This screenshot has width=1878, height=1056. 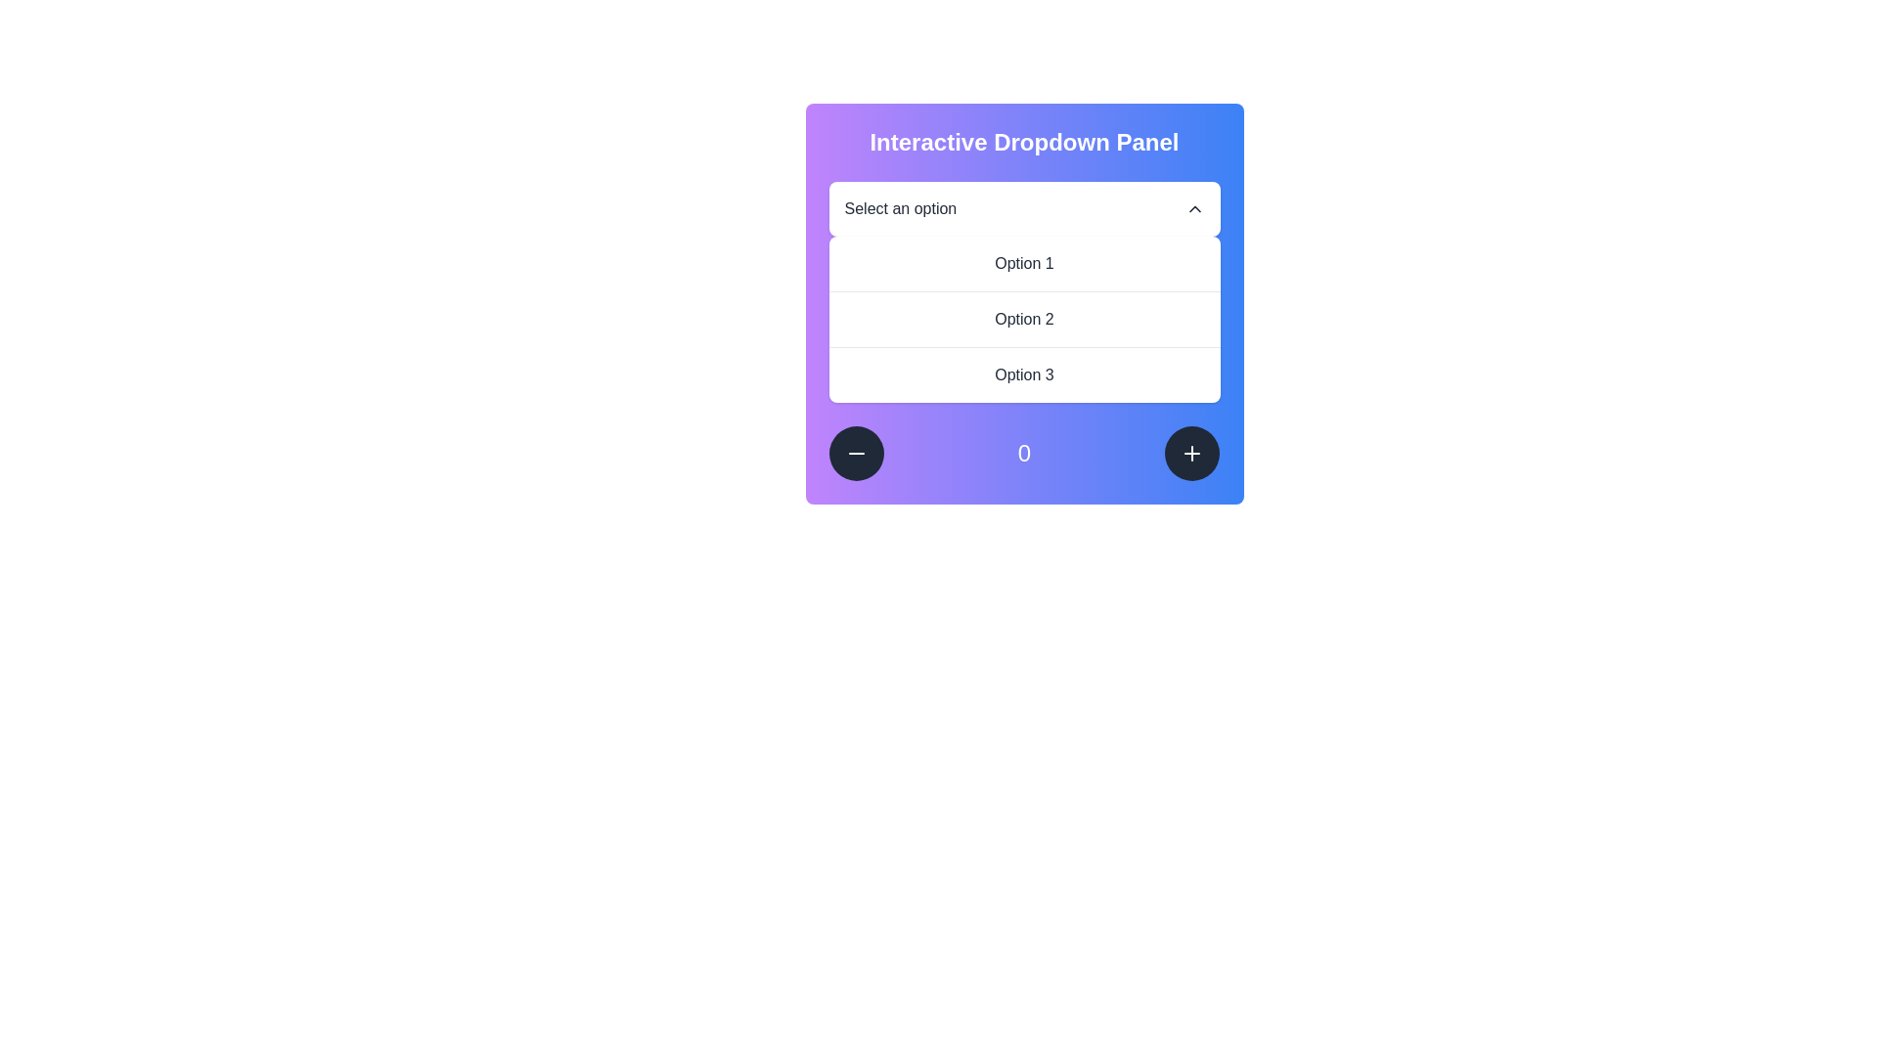 I want to click on the numeric value display Label located centrally below the dropdown panel and option list, flanked by decrement and increment buttons, so click(x=1023, y=453).